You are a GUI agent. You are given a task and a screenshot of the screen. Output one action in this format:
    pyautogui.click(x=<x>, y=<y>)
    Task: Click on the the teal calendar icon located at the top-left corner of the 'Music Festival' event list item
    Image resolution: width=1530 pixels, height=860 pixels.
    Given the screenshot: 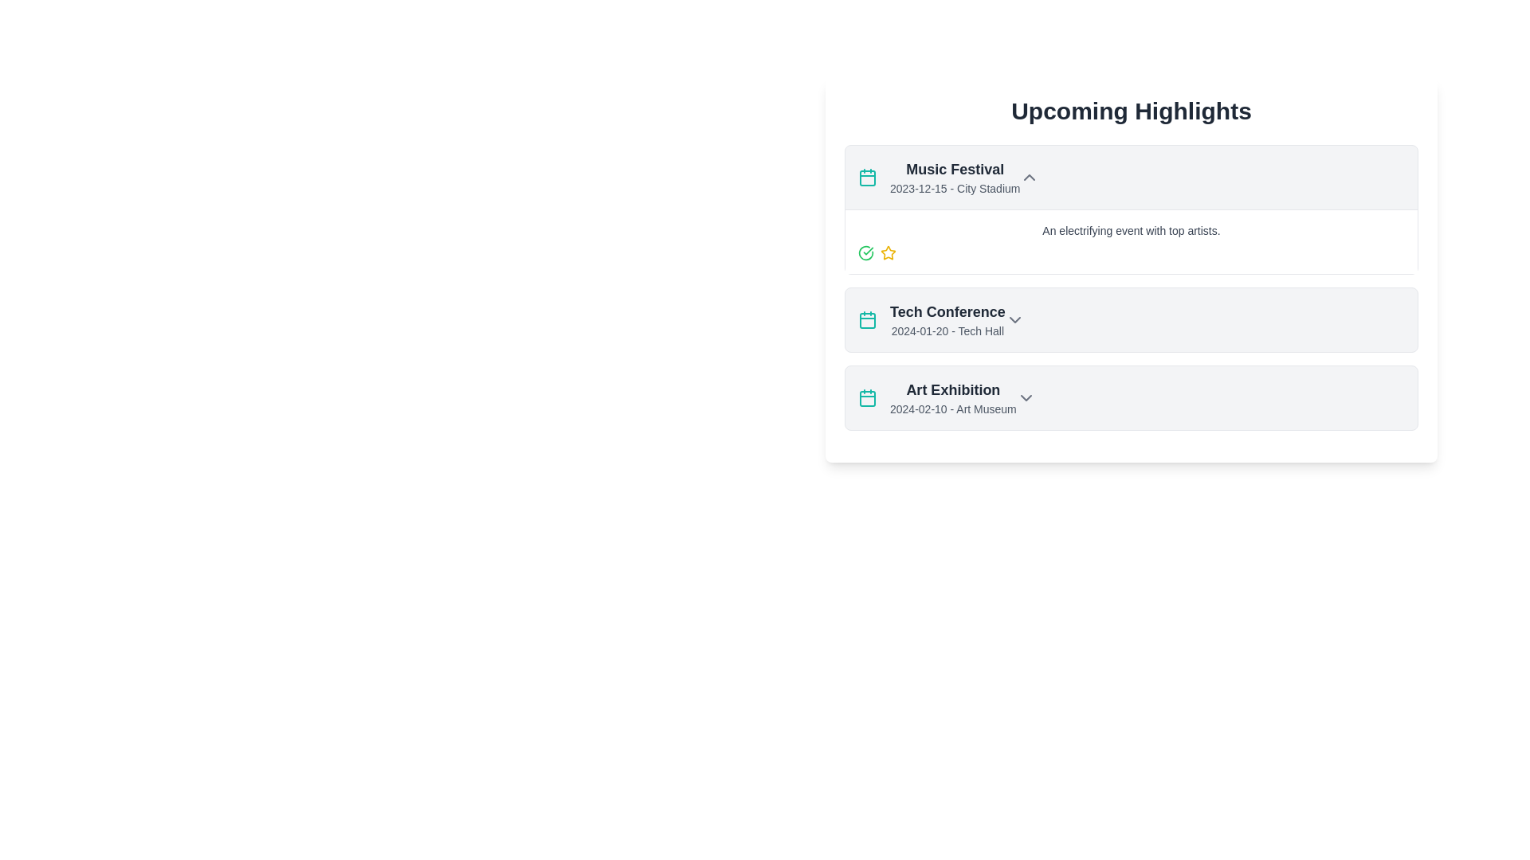 What is the action you would take?
    pyautogui.click(x=867, y=398)
    